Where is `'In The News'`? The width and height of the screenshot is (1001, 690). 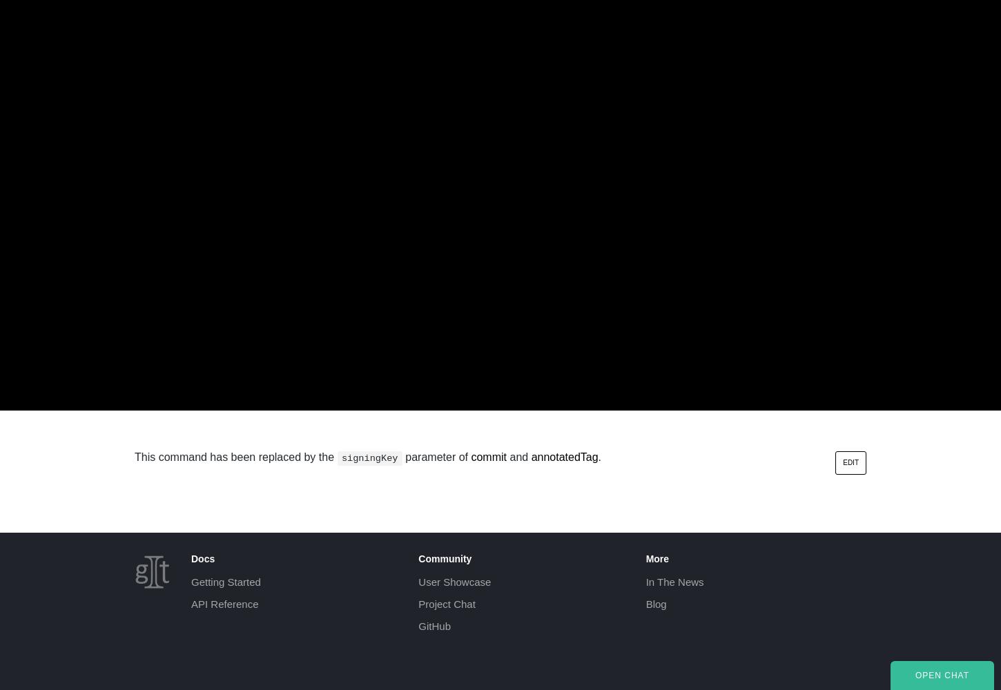 'In The News' is located at coordinates (674, 581).